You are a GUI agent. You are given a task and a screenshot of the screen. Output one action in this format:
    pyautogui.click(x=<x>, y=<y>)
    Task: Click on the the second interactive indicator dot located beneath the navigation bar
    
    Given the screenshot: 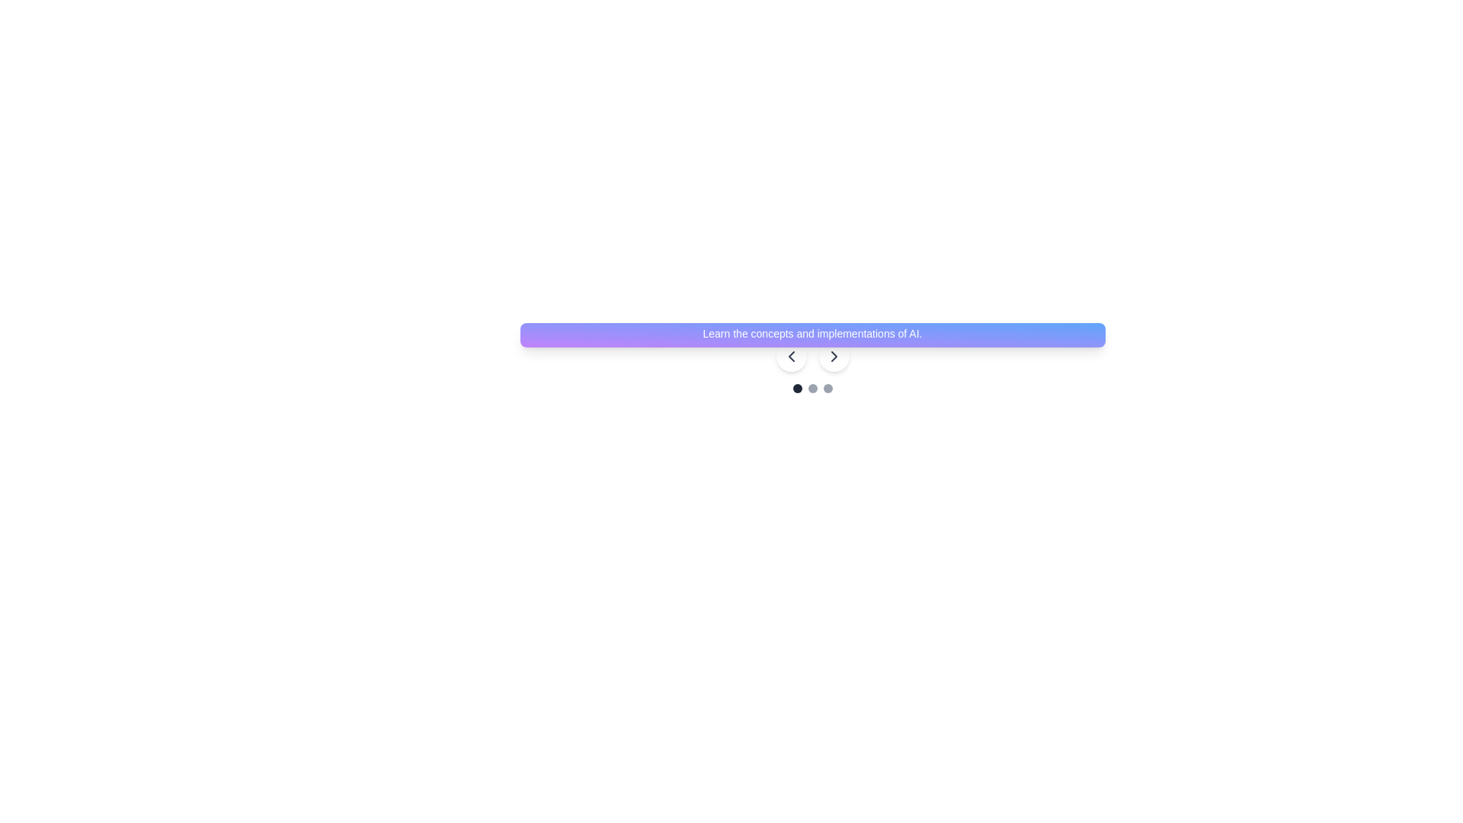 What is the action you would take?
    pyautogui.click(x=812, y=387)
    